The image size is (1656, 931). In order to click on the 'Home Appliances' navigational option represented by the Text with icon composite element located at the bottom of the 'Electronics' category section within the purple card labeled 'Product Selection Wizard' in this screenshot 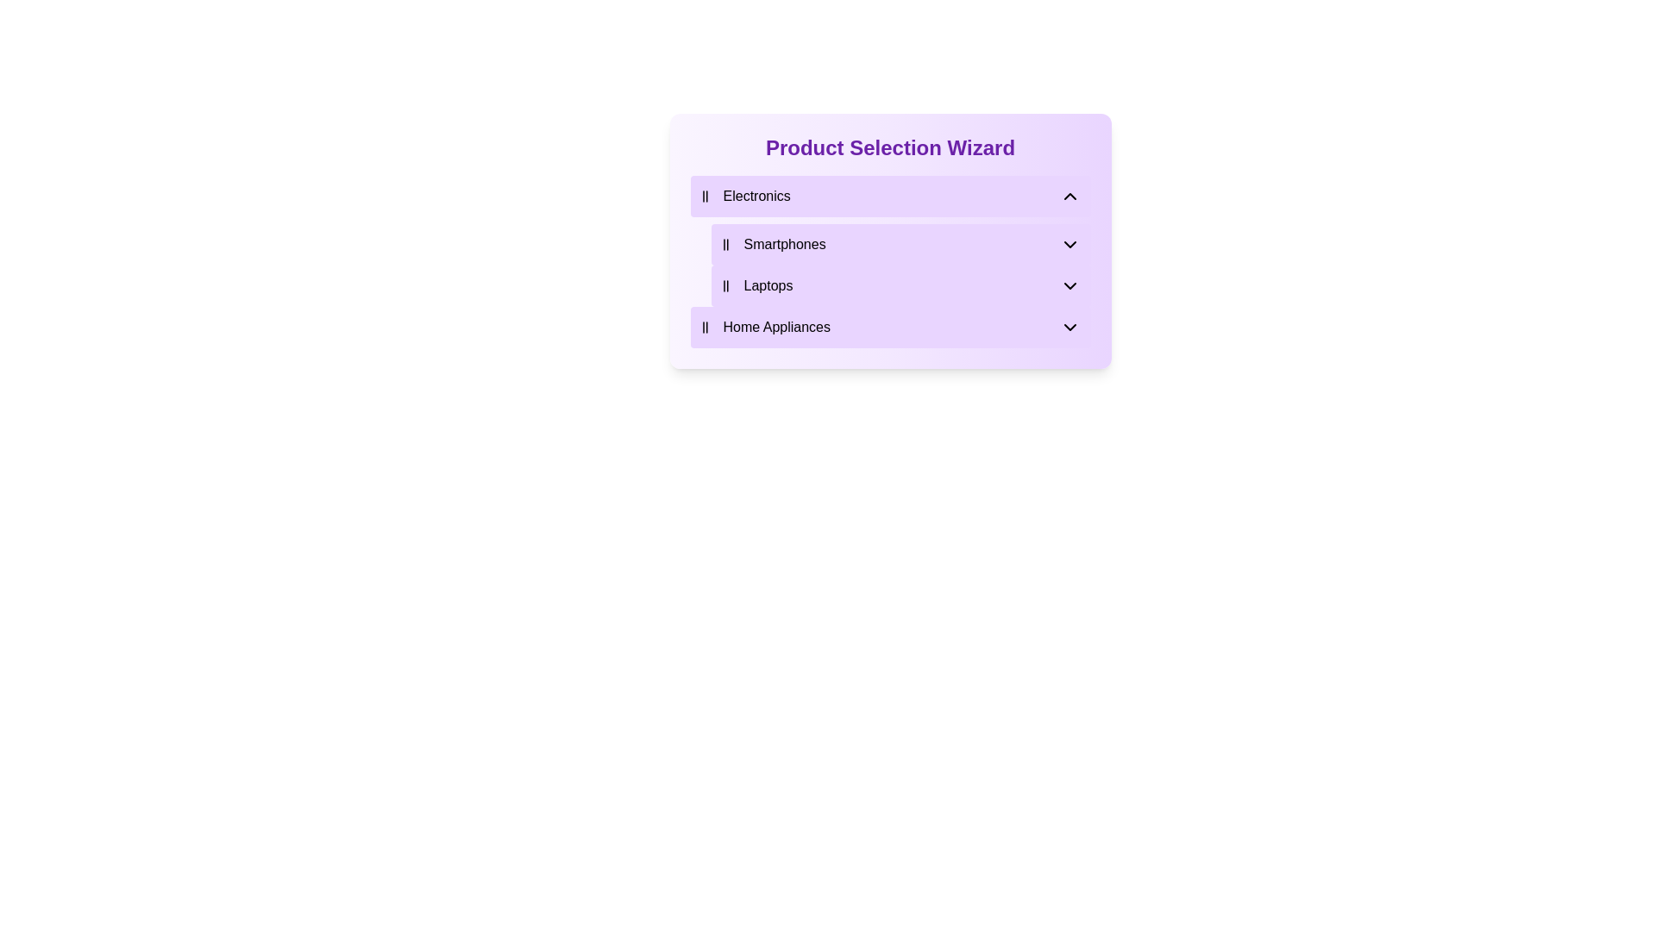, I will do `click(764, 328)`.